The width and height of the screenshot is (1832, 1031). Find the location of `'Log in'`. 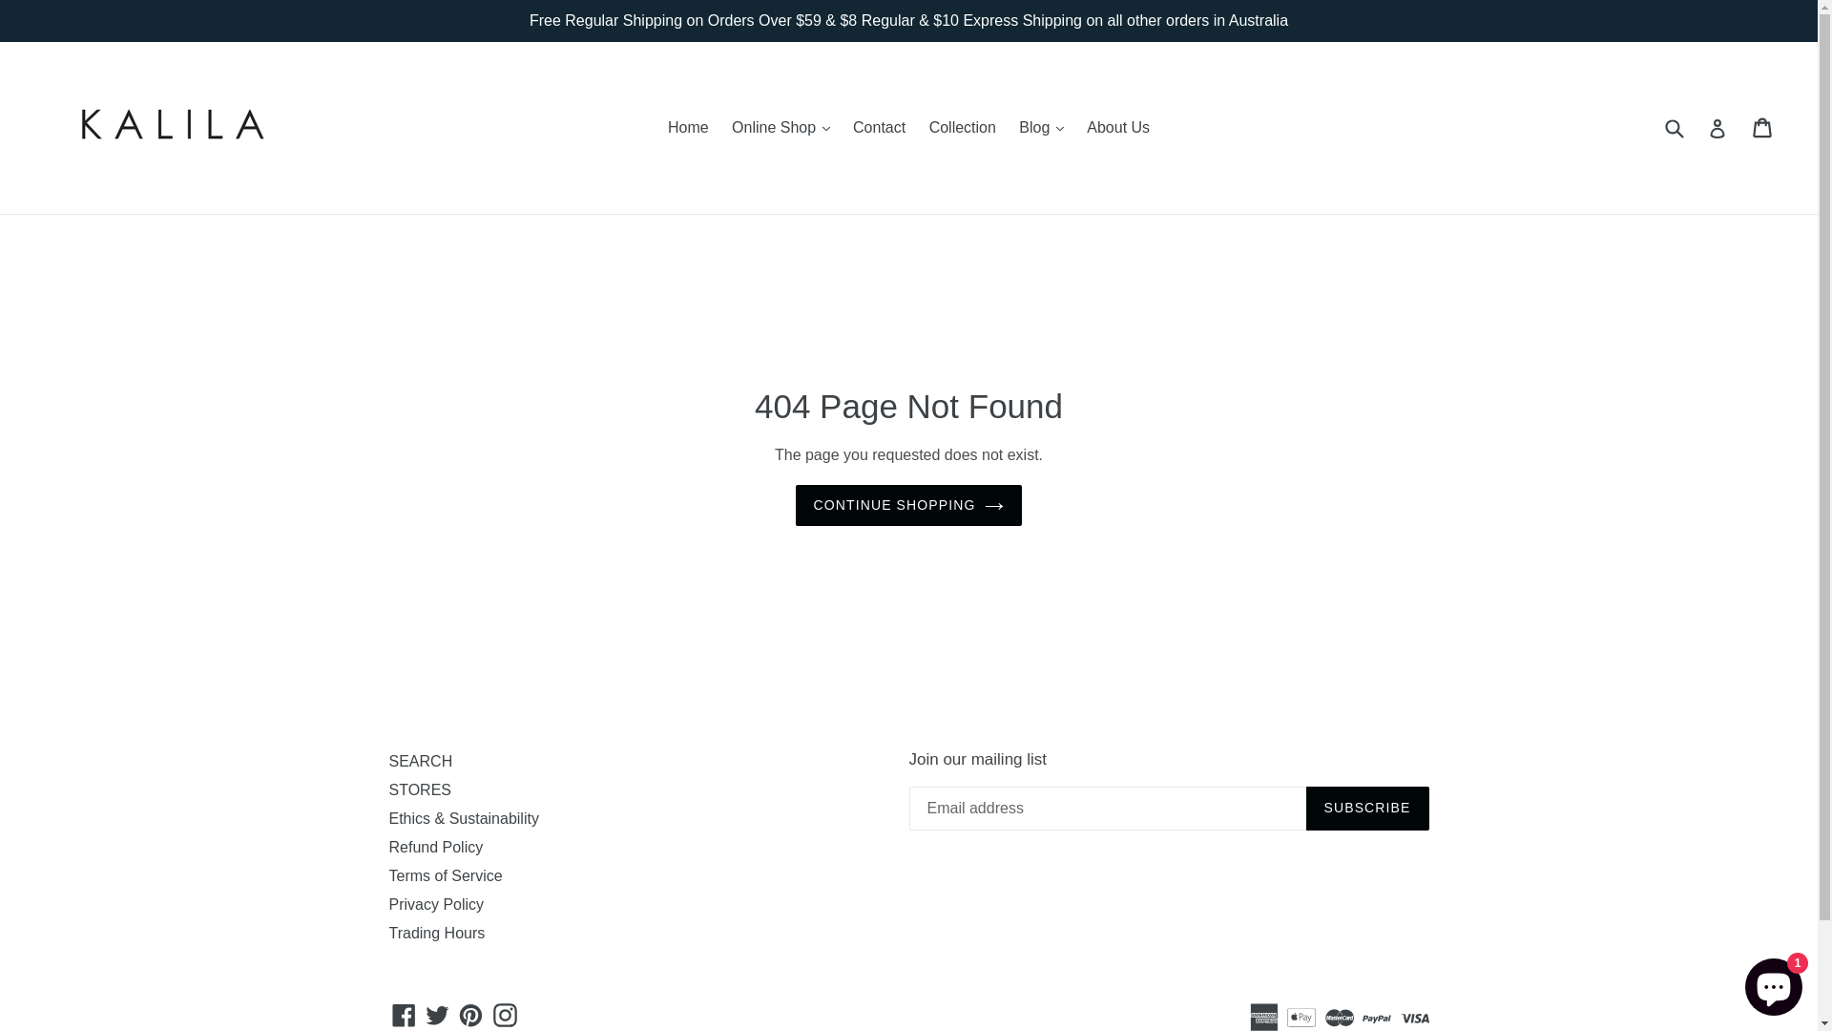

'Log in' is located at coordinates (1717, 128).